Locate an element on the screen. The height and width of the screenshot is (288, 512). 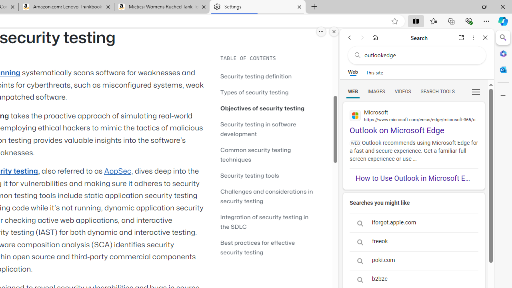
'AppSec' is located at coordinates (117, 171).